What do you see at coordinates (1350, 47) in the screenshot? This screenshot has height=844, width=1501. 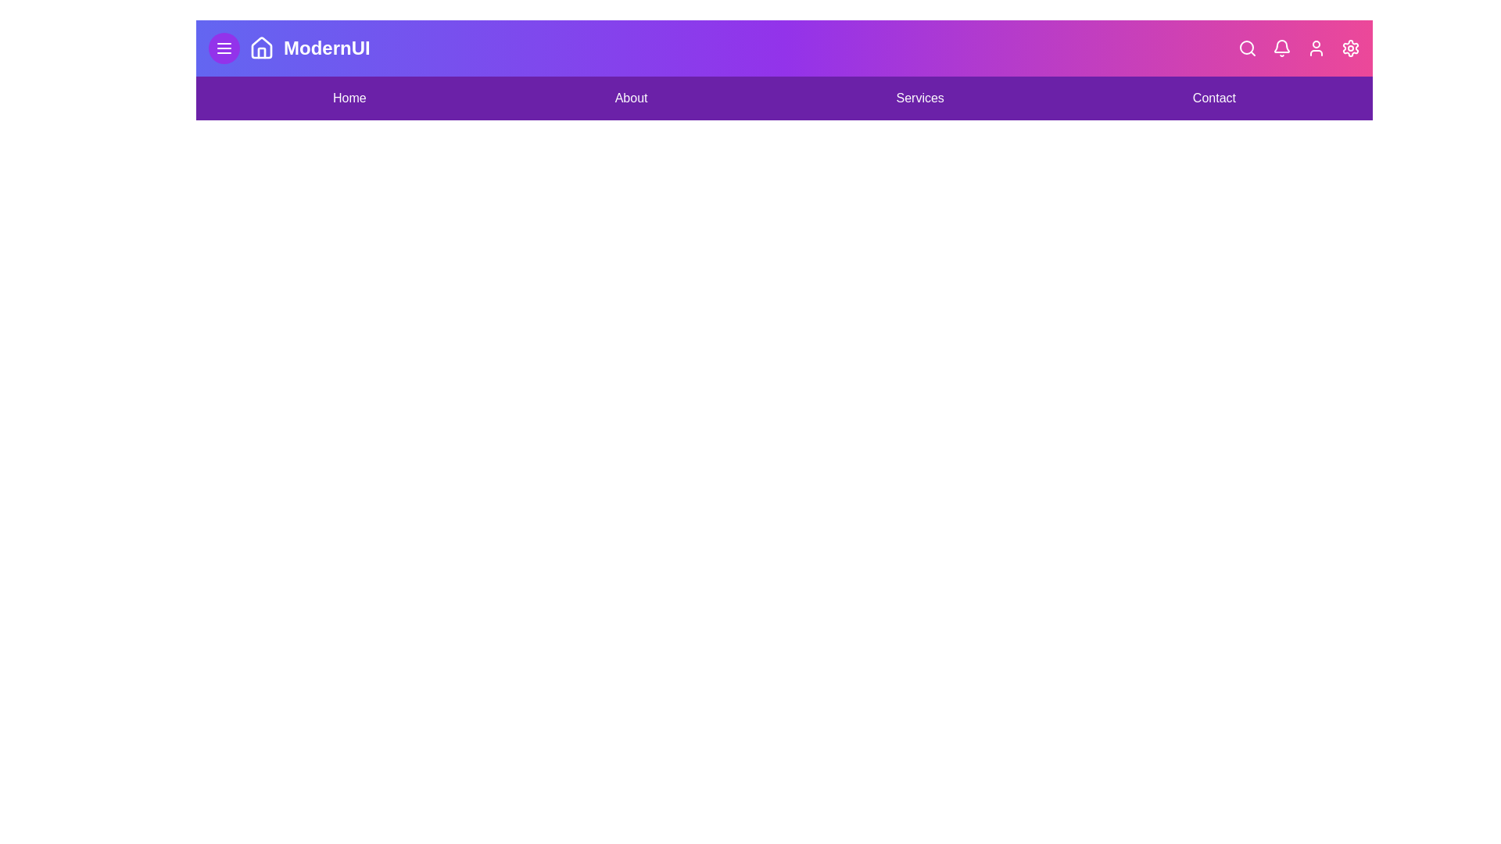 I see `the Settings icon on the right side of the bar` at bounding box center [1350, 47].